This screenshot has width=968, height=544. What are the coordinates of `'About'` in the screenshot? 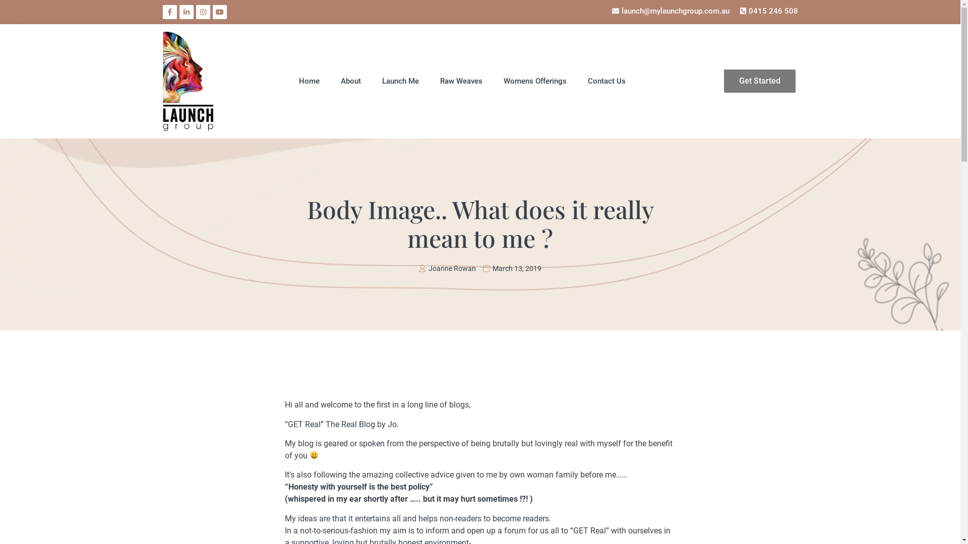 It's located at (351, 81).